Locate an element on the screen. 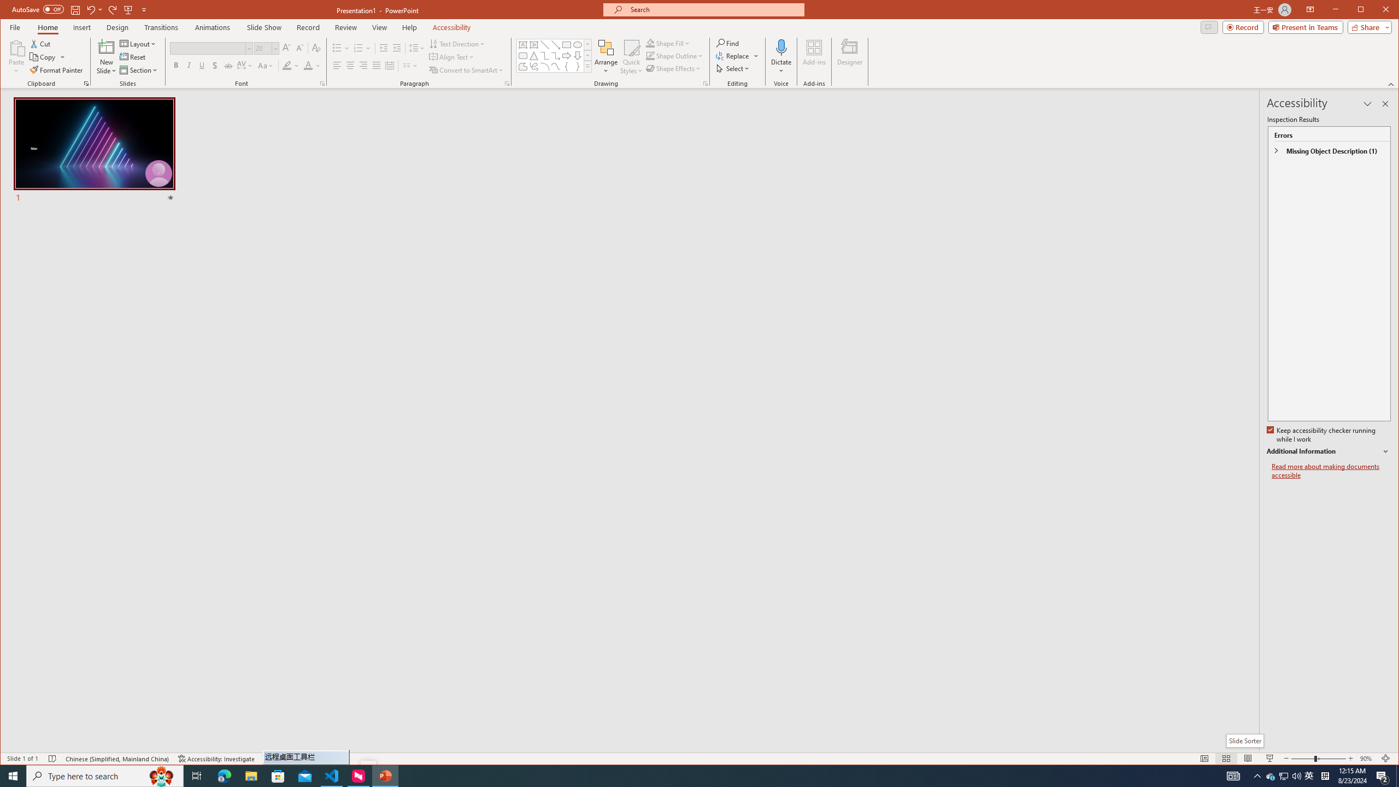  'Font...' is located at coordinates (322, 84).